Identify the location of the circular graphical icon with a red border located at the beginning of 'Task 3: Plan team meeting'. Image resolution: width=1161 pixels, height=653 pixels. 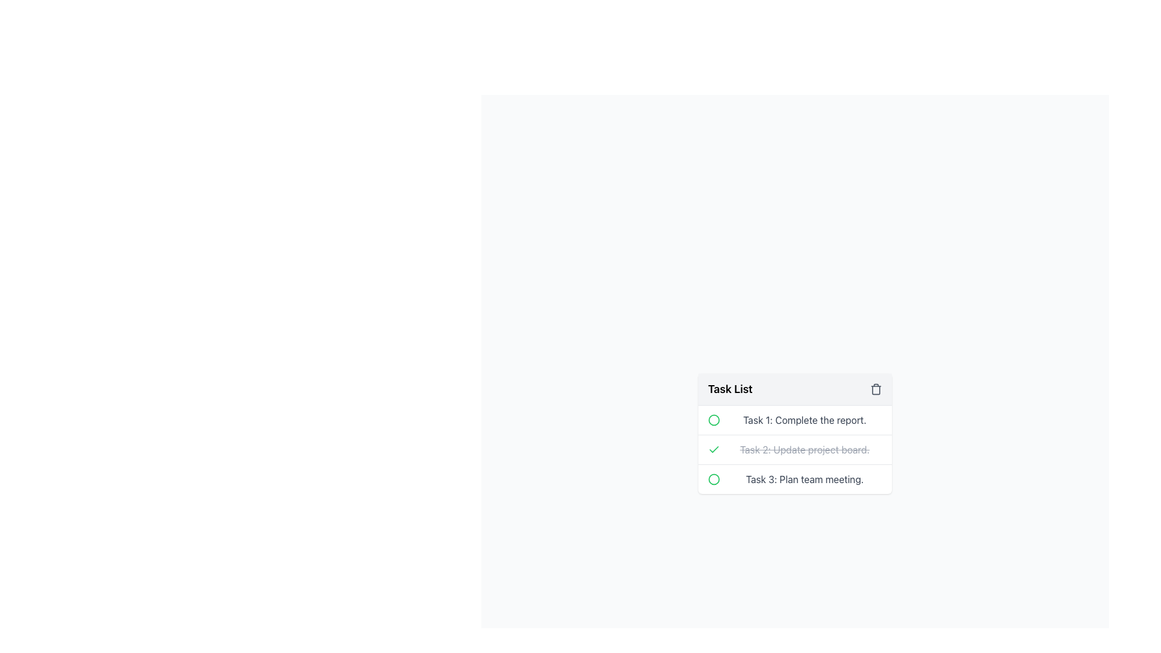
(714, 478).